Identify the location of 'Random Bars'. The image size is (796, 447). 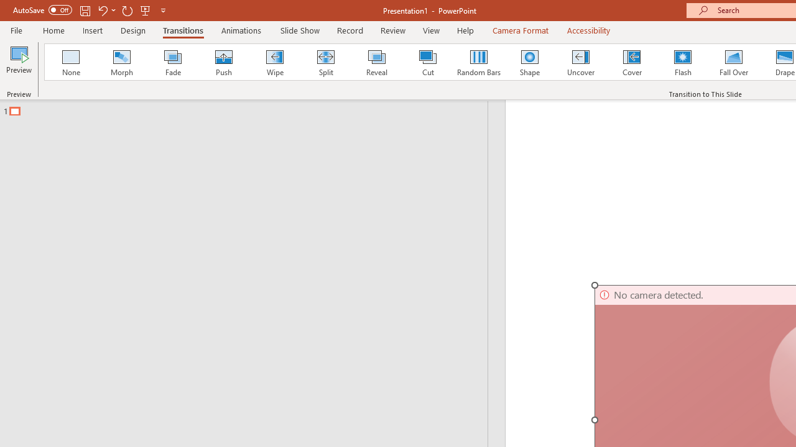
(478, 62).